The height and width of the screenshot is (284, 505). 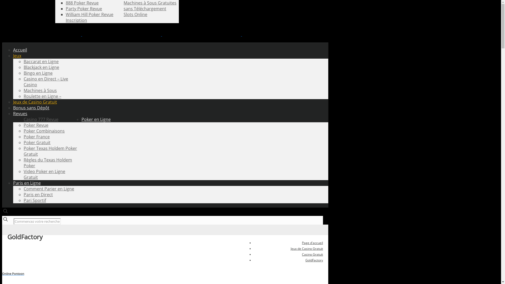 What do you see at coordinates (312, 254) in the screenshot?
I see `'Casino Gratuit'` at bounding box center [312, 254].